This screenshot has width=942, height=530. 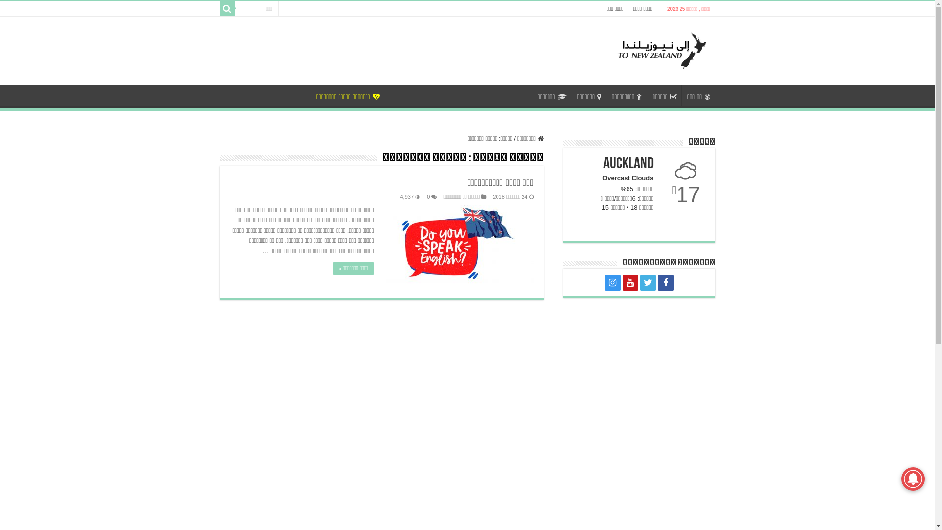 I want to click on '0', so click(x=428, y=197).